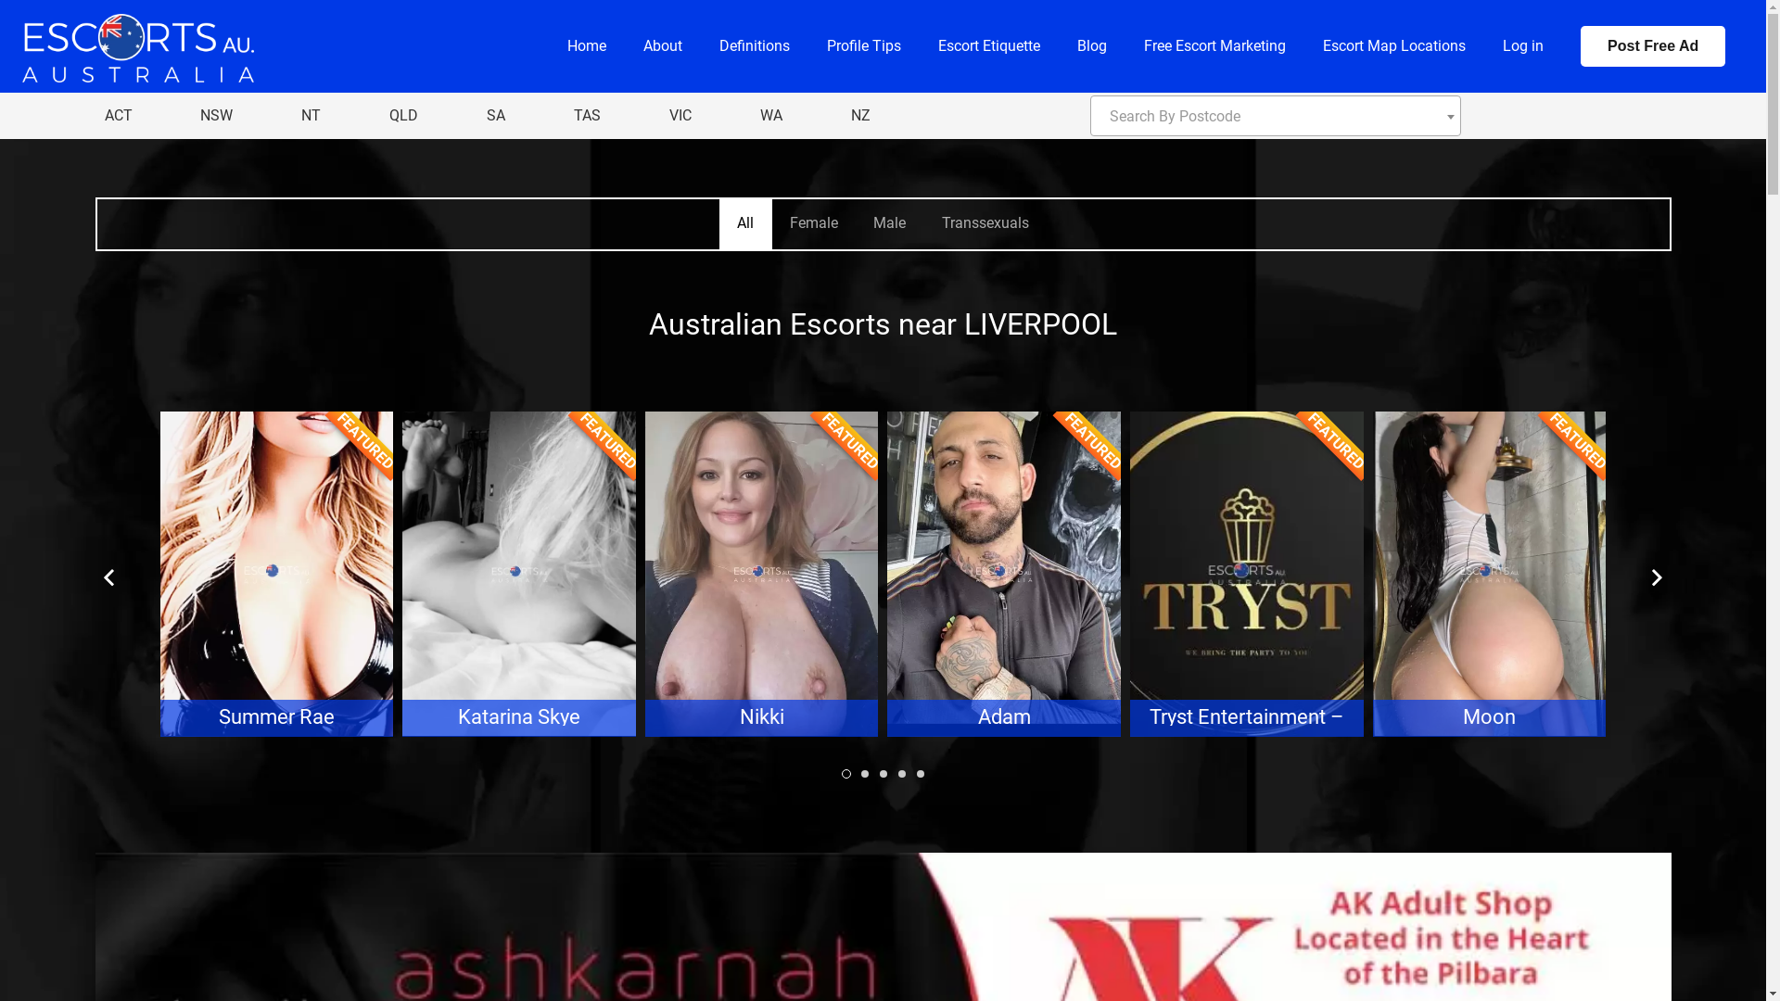 The image size is (1780, 1001). I want to click on 'VIC', so click(680, 115).